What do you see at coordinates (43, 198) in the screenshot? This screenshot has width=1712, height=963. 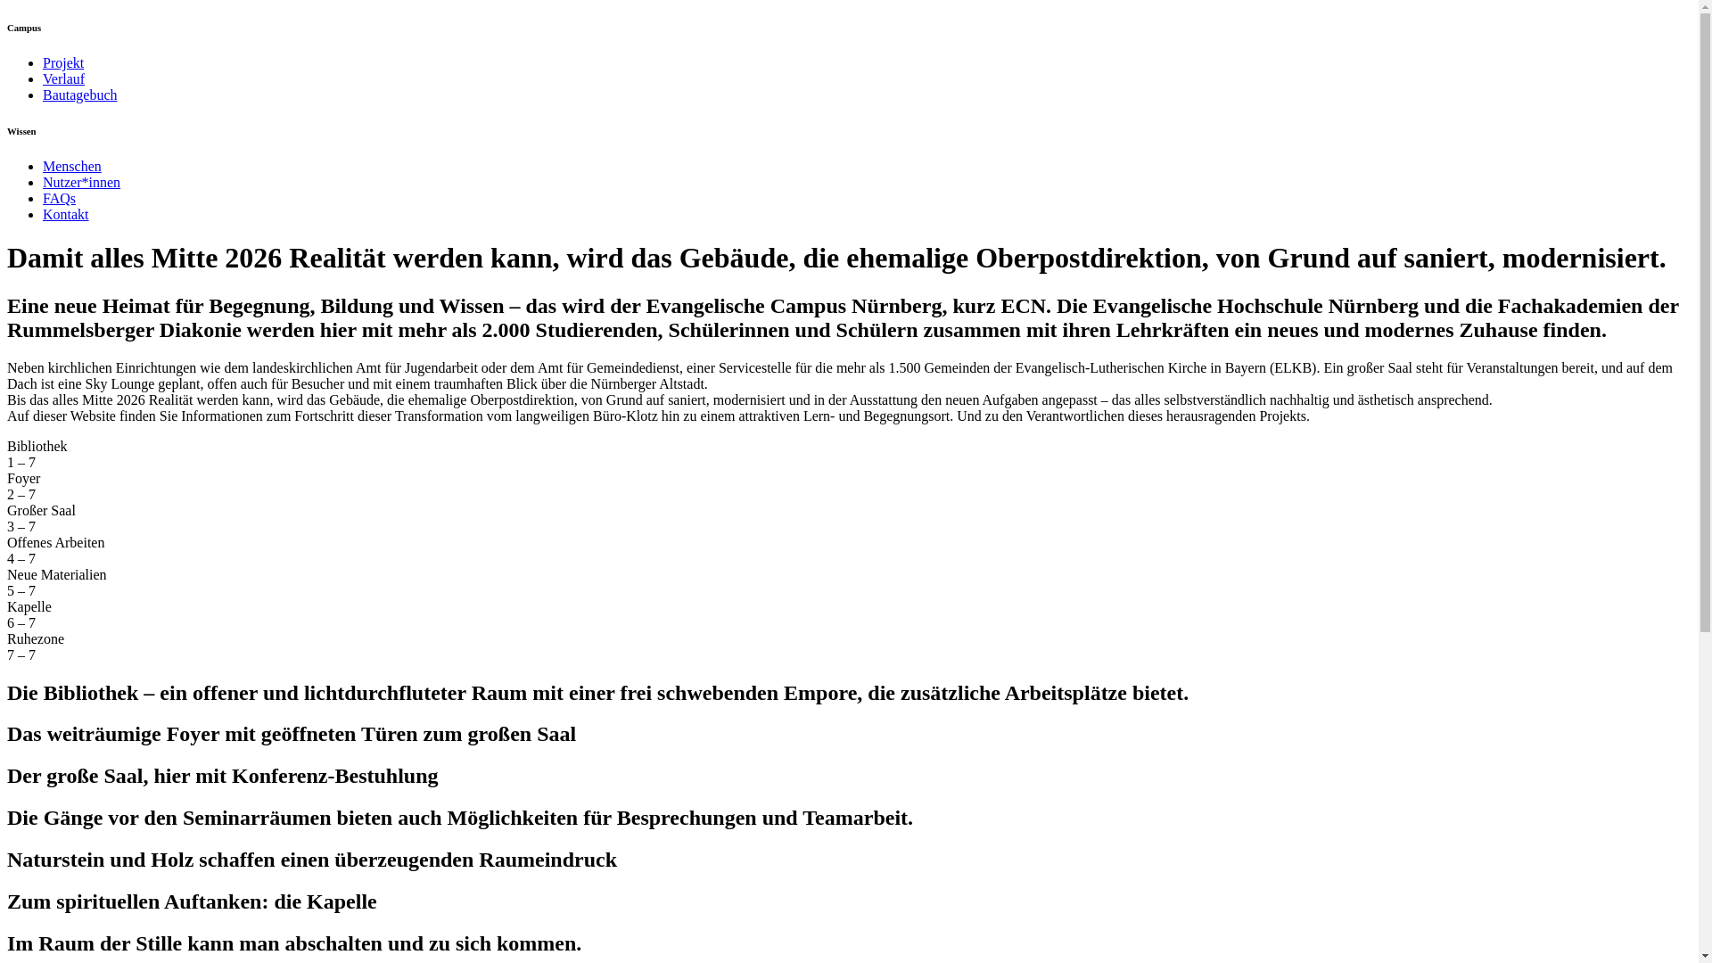 I see `'FAQs'` at bounding box center [43, 198].